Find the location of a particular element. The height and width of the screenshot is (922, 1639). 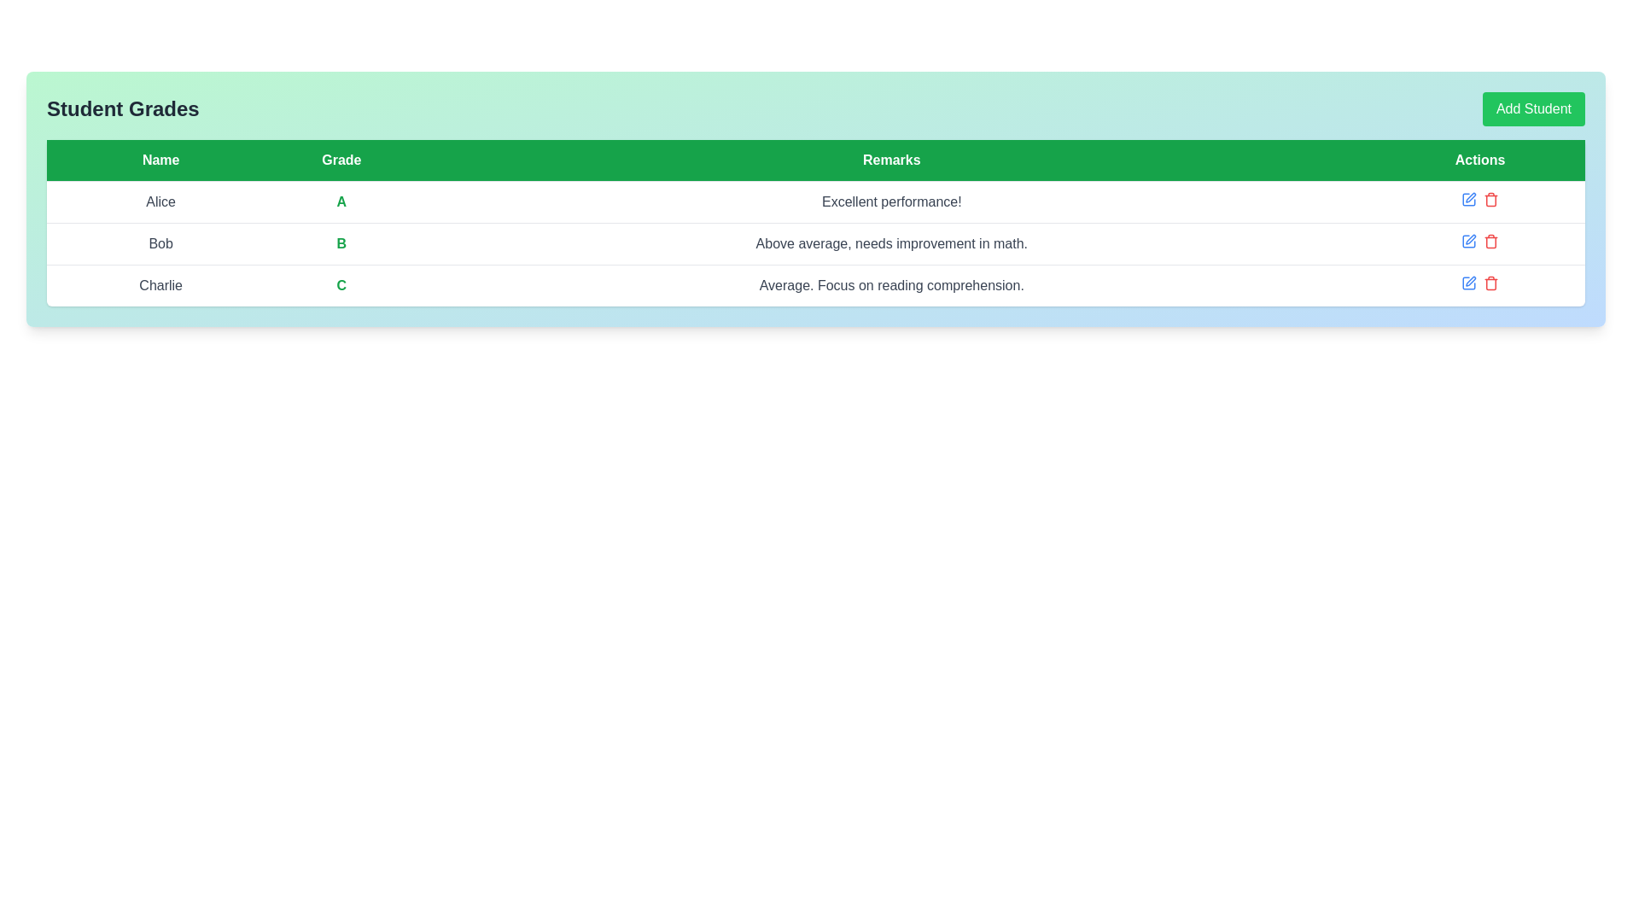

the 'delete' icon located in the 'Actions' column of the table, which is the second icon from the right in each row is located at coordinates (1490, 200).